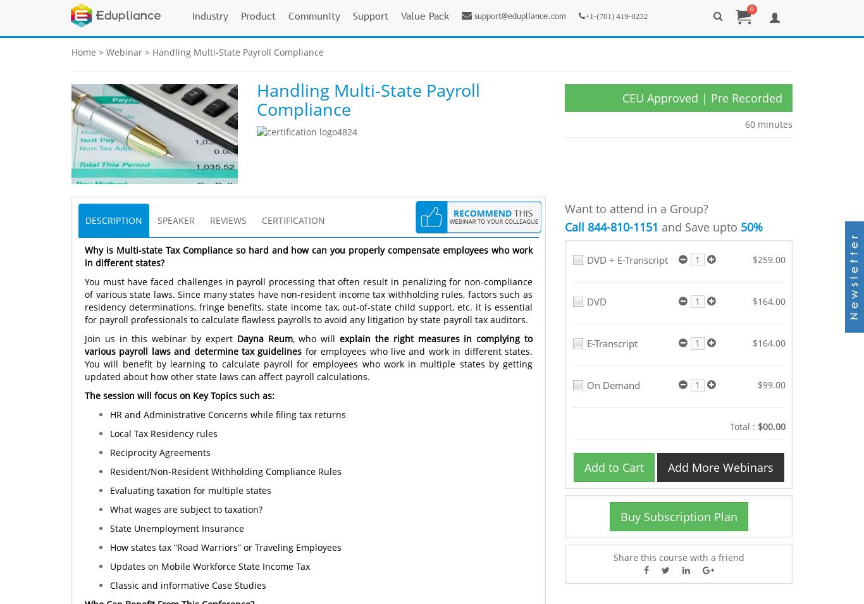 This screenshot has height=604, width=864. What do you see at coordinates (100, 51) in the screenshot?
I see `'>'` at bounding box center [100, 51].